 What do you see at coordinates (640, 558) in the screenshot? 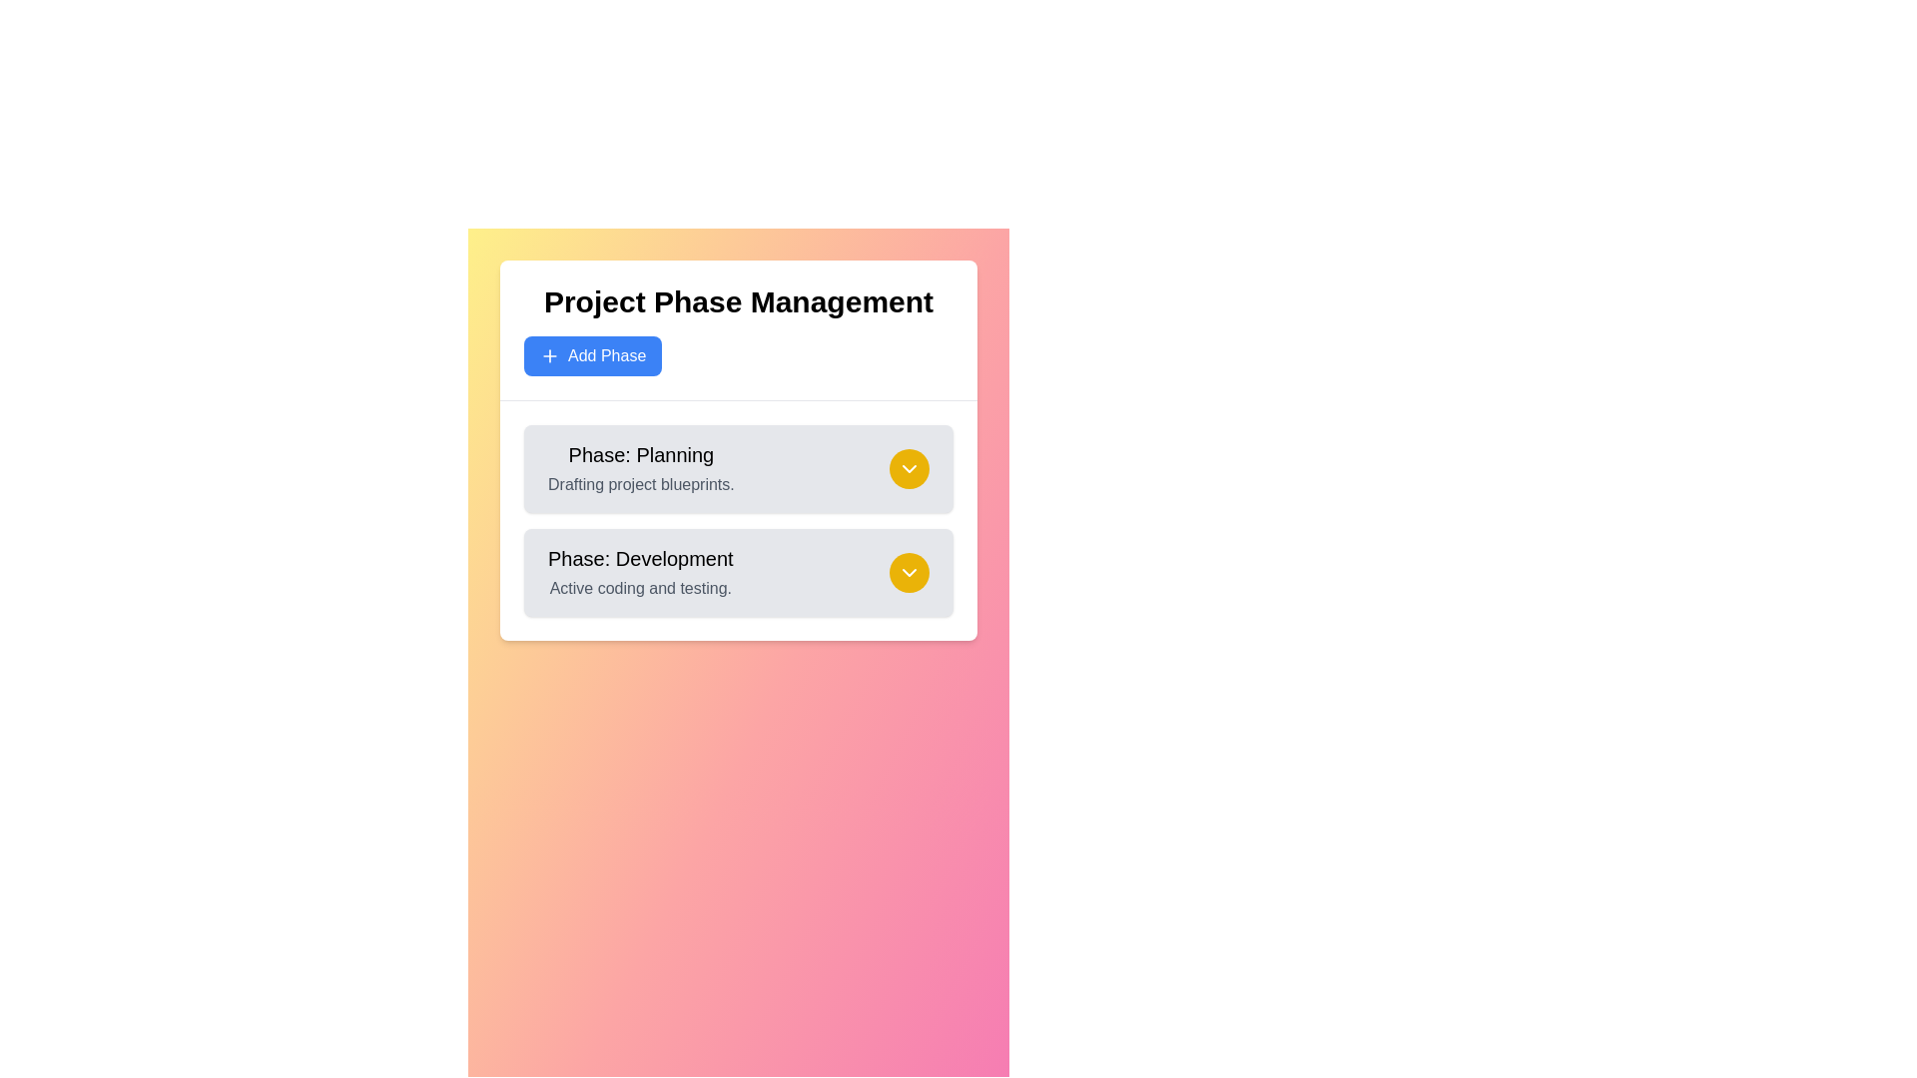
I see `the text label displaying 'Phase: Development', which is prominently shown in bold and larger font style, located in the center-right section of the interface beneath the 'Phase: Planning' section` at bounding box center [640, 558].